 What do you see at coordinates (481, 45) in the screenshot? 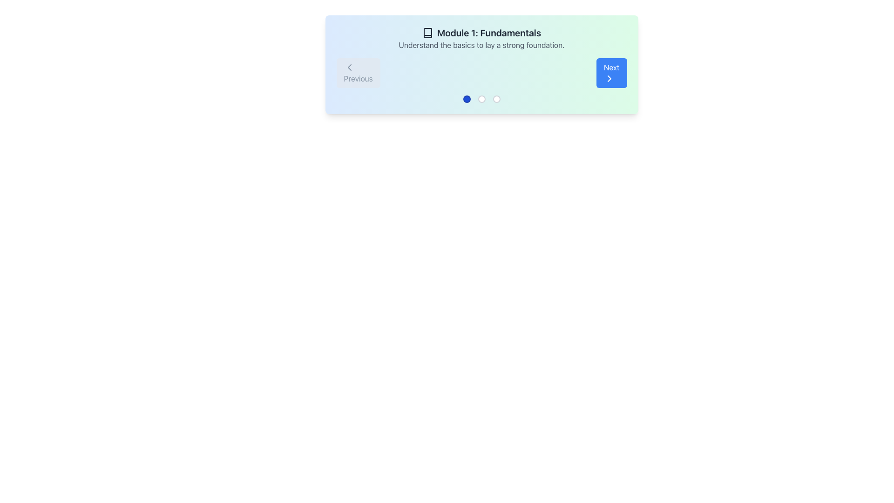
I see `the static text element that reads 'Understand the basics to lay a strong foundation.' which is positioned directly below the header 'Module 1: Fundamentals.'` at bounding box center [481, 45].